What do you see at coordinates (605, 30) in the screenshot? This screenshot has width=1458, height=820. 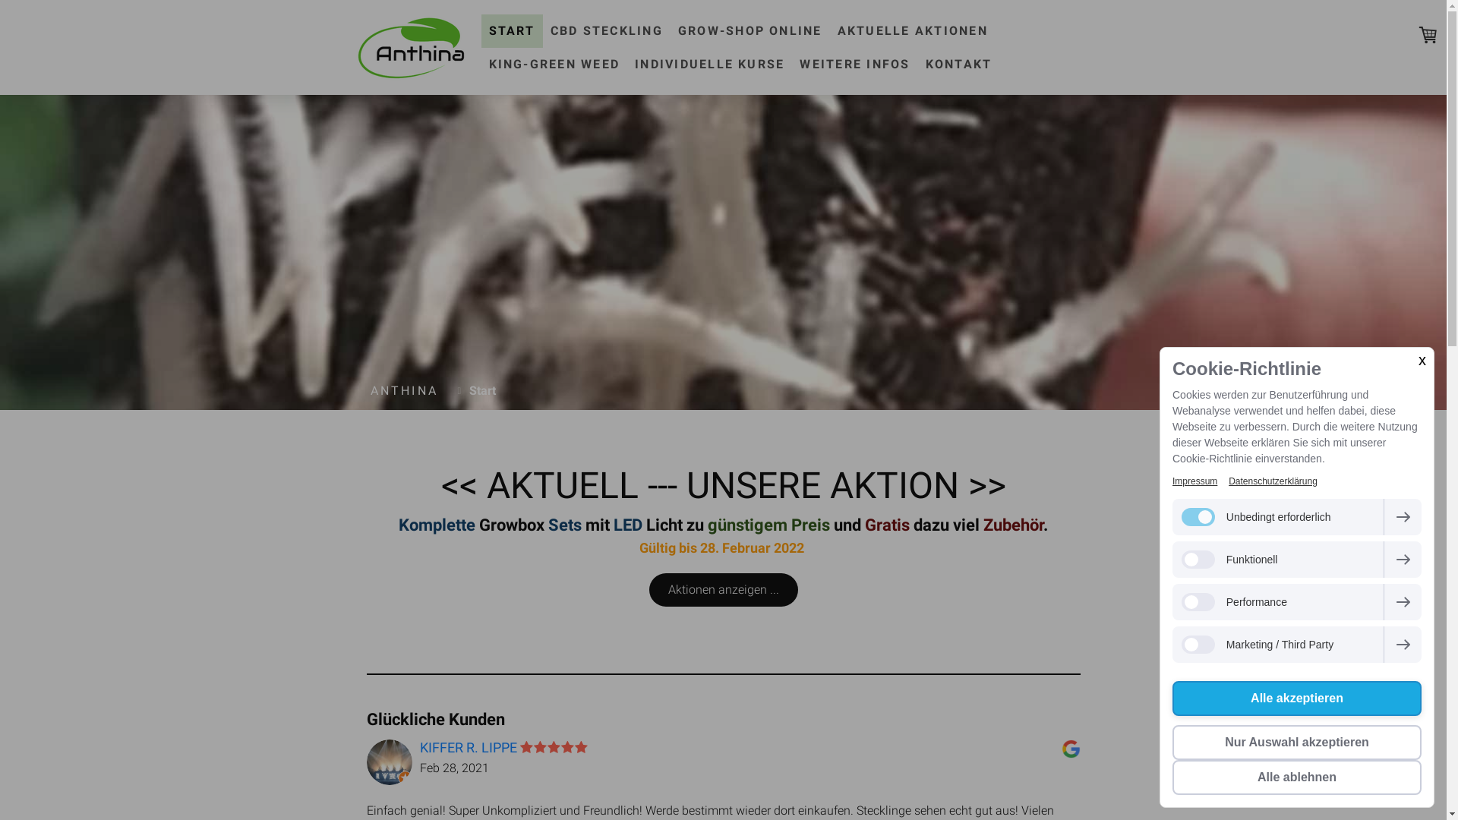 I see `'CBD STECKLING'` at bounding box center [605, 30].